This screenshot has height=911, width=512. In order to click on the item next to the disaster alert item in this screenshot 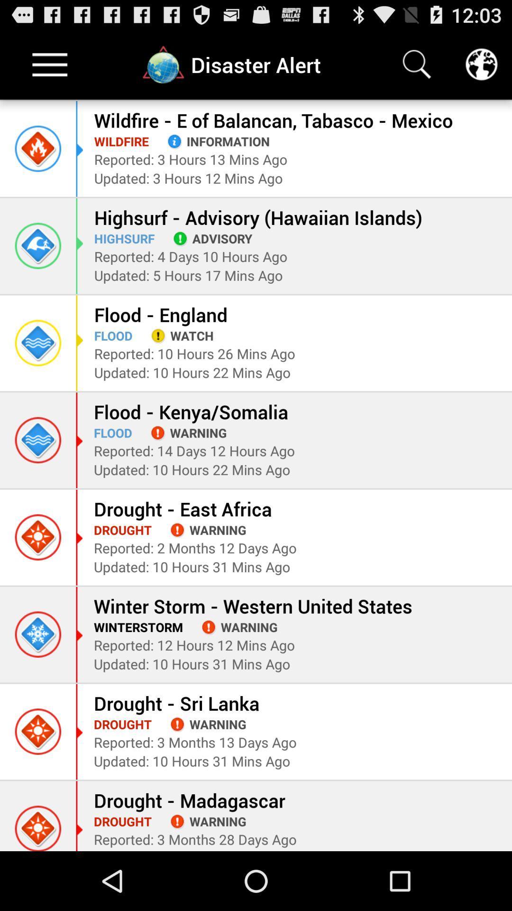, I will do `click(416, 64)`.